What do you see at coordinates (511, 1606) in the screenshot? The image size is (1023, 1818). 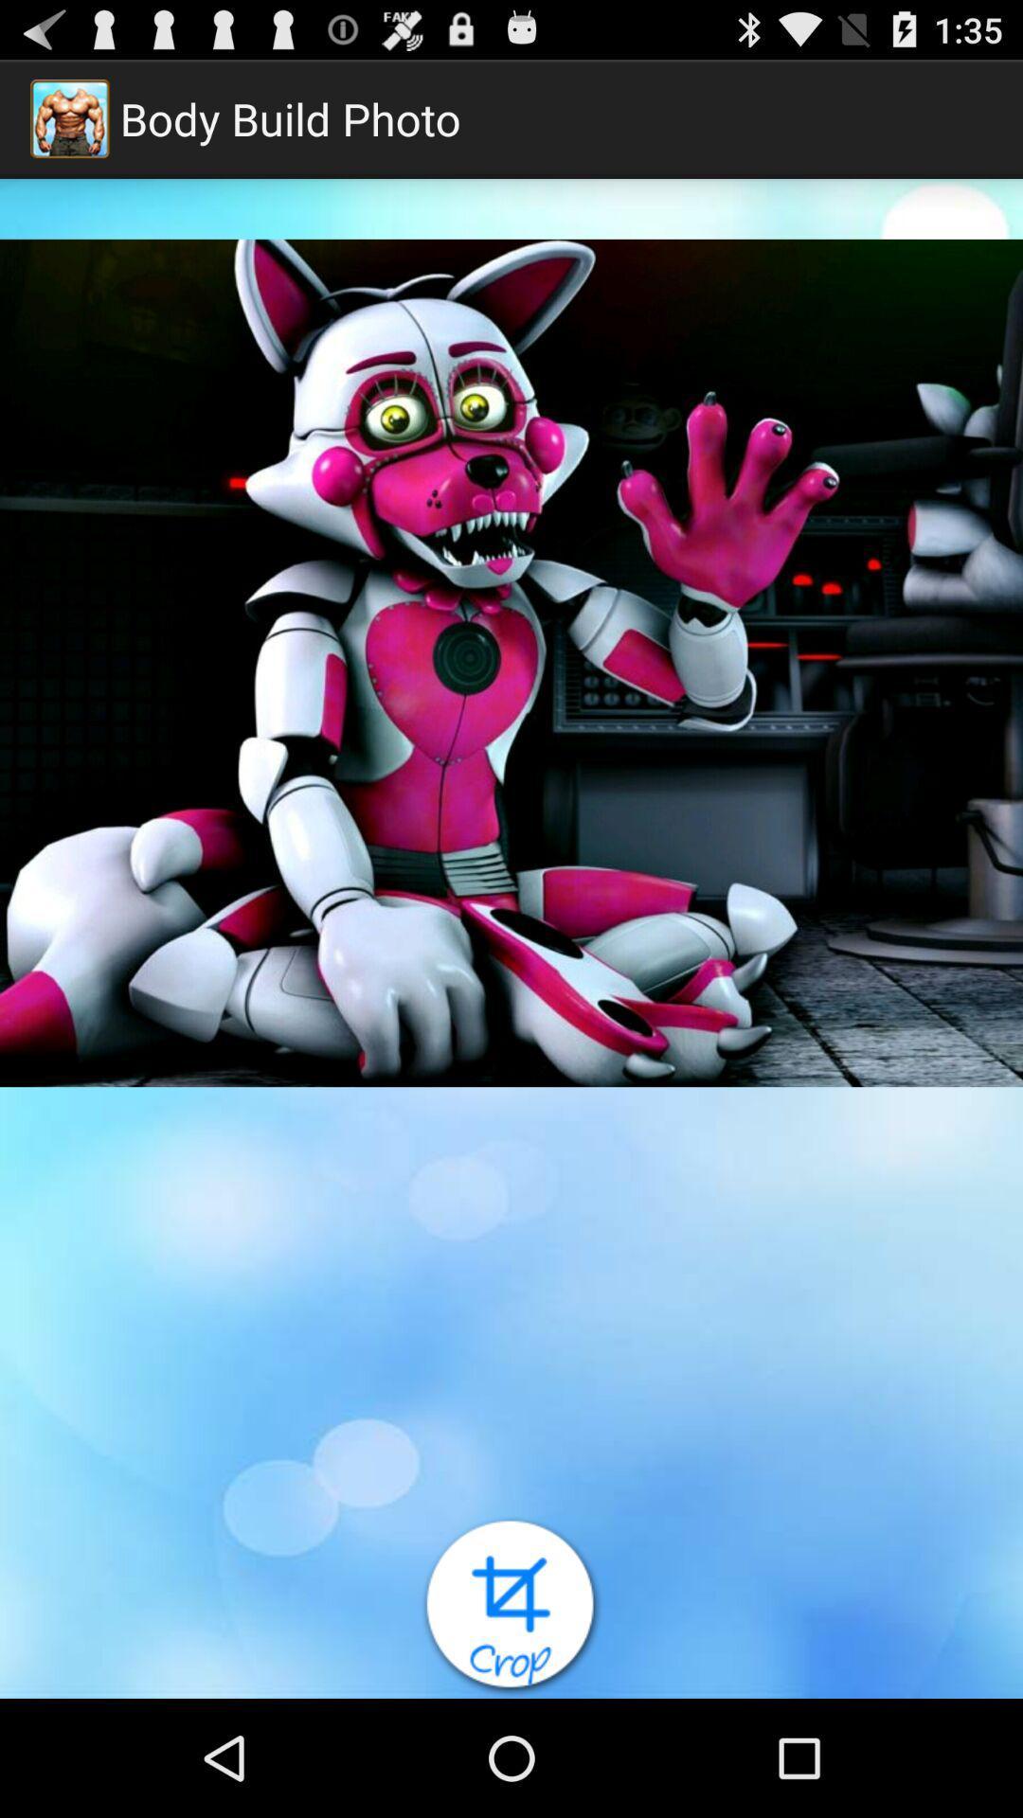 I see `crop` at bounding box center [511, 1606].